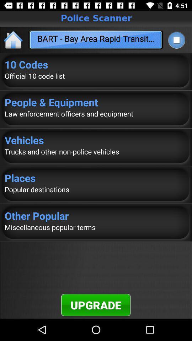  Describe the element at coordinates (176, 40) in the screenshot. I see `the item to the right of bart bay area app` at that location.